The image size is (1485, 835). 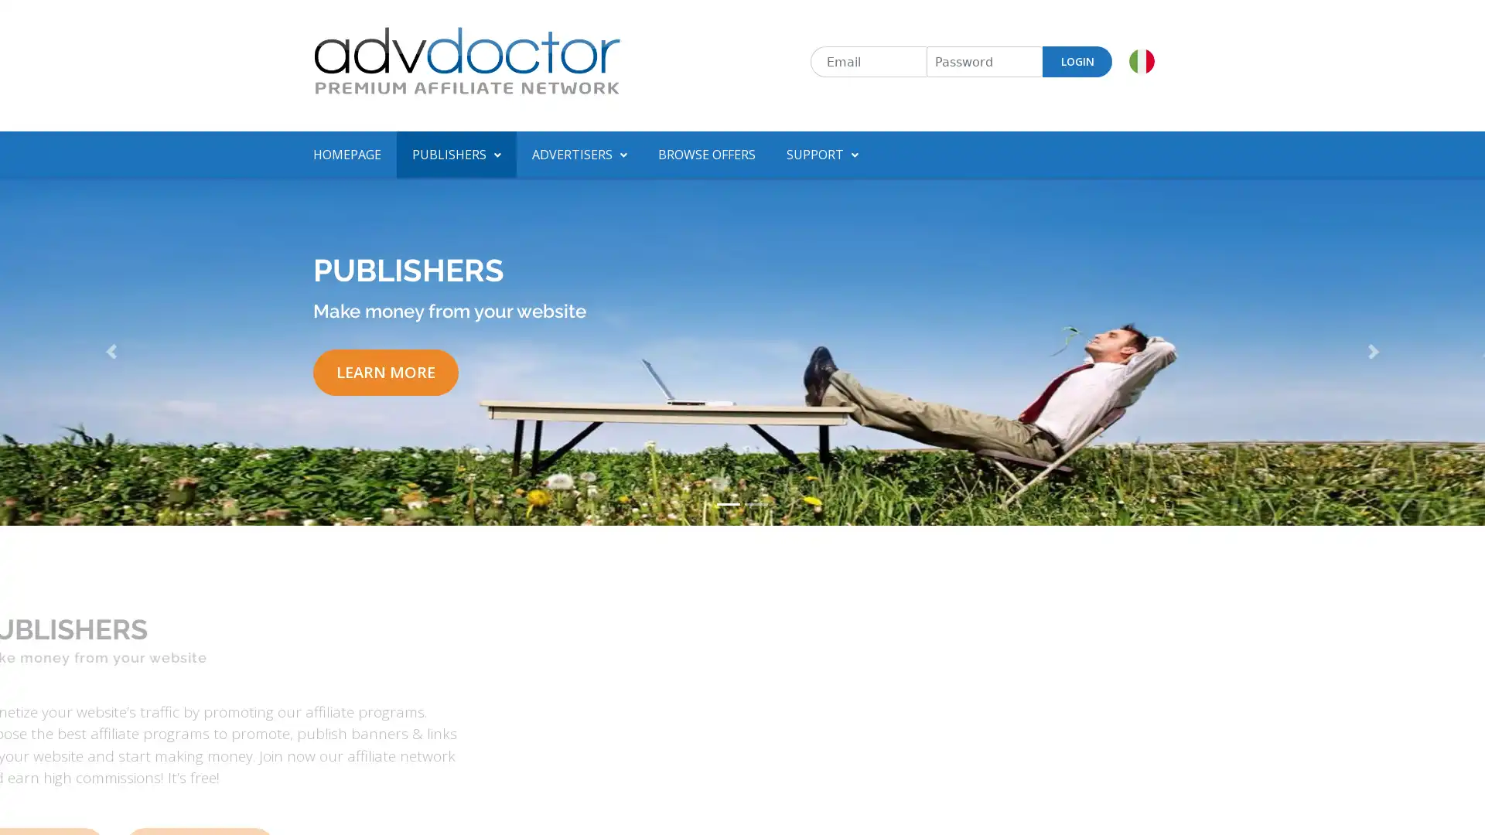 I want to click on LOGIN, so click(x=1076, y=61).